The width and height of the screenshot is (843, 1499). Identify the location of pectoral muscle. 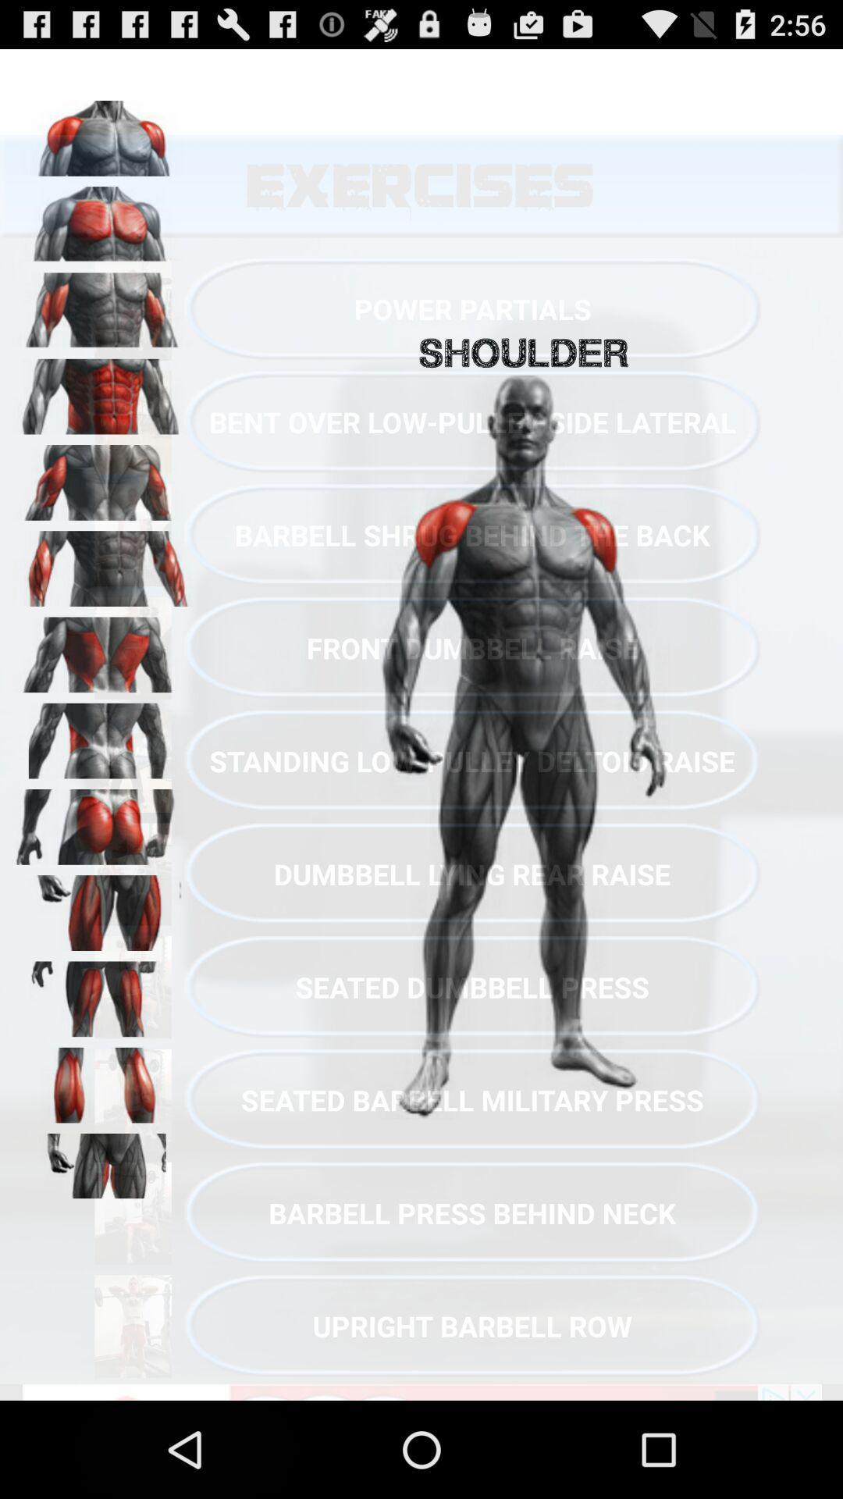
(102, 218).